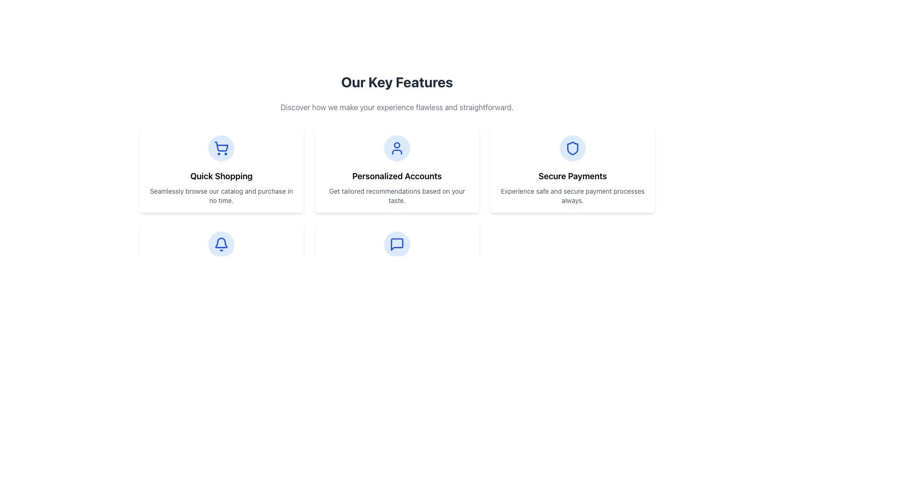 The width and height of the screenshot is (897, 504). What do you see at coordinates (397, 244) in the screenshot?
I see `the messaging or communication icon located in the bottom center section of the interface, beneath the features 'Quick Shopping,' 'Personalized Accounts,' and 'Secure Payments,'` at bounding box center [397, 244].